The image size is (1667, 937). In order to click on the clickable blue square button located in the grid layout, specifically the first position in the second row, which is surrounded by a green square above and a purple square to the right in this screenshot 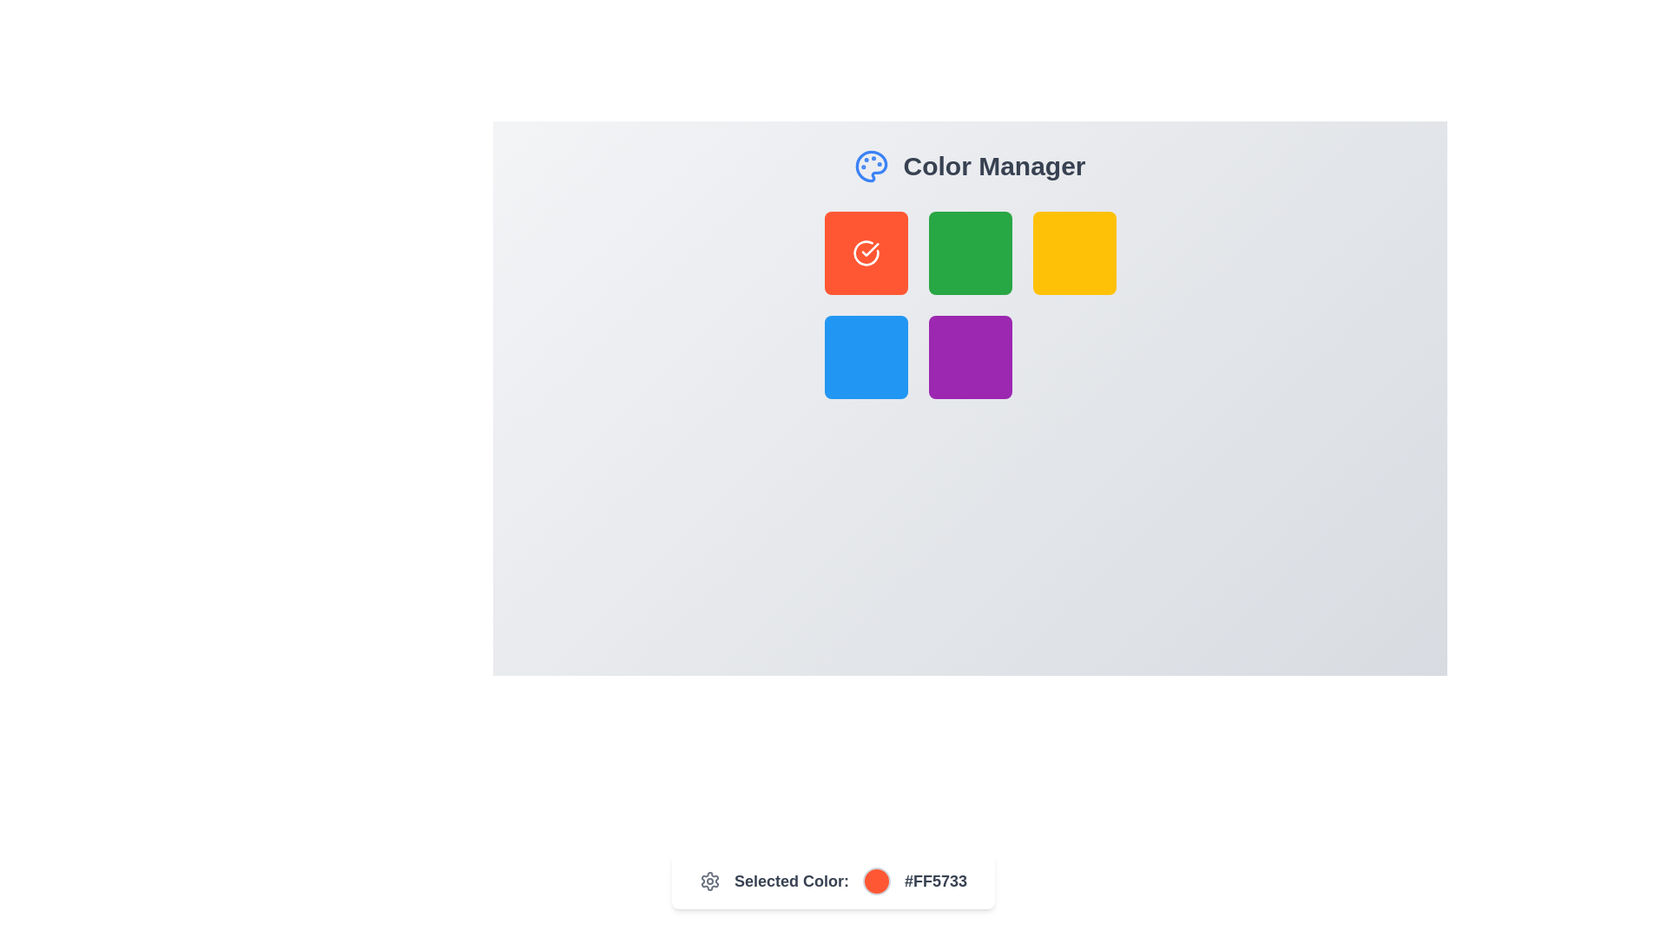, I will do `click(866, 357)`.